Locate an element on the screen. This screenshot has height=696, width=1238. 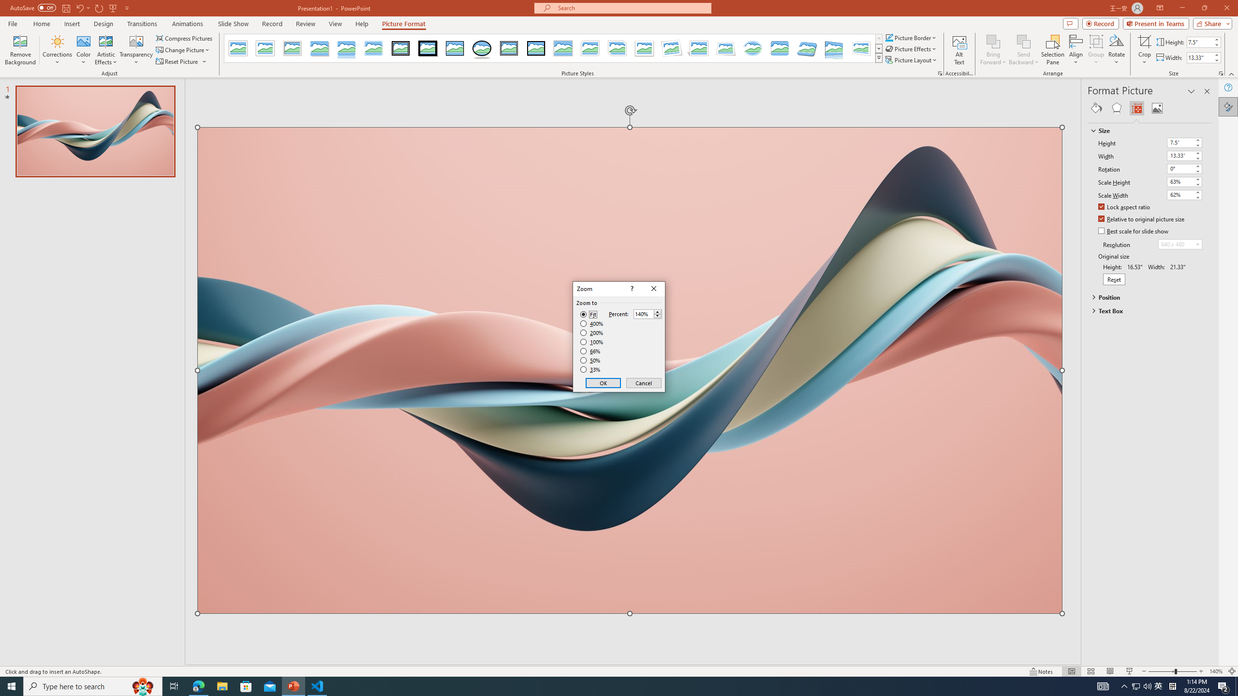
'Rotation' is located at coordinates (1179, 168).